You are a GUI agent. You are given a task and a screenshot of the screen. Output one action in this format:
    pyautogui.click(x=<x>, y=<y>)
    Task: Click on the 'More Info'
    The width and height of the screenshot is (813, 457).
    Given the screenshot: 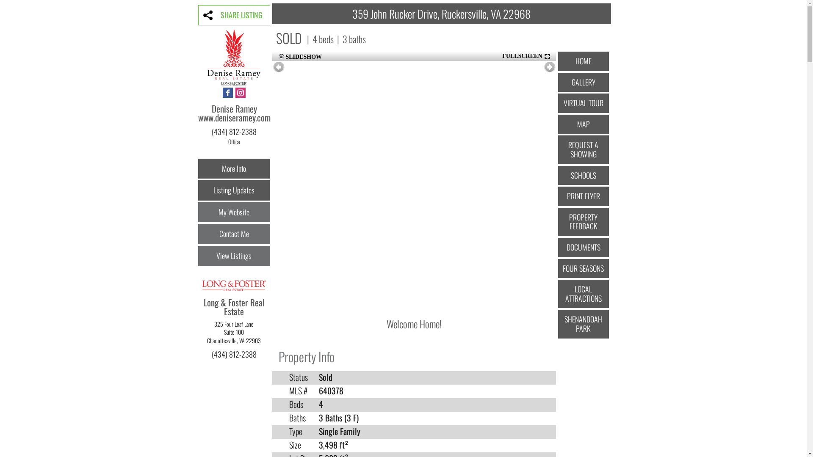 What is the action you would take?
    pyautogui.click(x=234, y=168)
    